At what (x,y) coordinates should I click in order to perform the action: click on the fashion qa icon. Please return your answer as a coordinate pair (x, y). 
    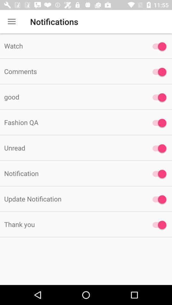
    Looking at the image, I should click on (71, 122).